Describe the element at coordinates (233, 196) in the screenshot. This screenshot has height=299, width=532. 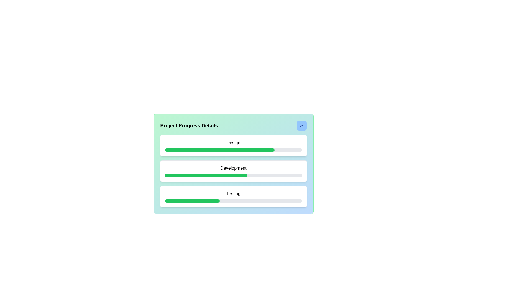
I see `the Progress bar card labeled 'Testing' at the bottom of the stack, which has a white background and shows 40% progress` at that location.